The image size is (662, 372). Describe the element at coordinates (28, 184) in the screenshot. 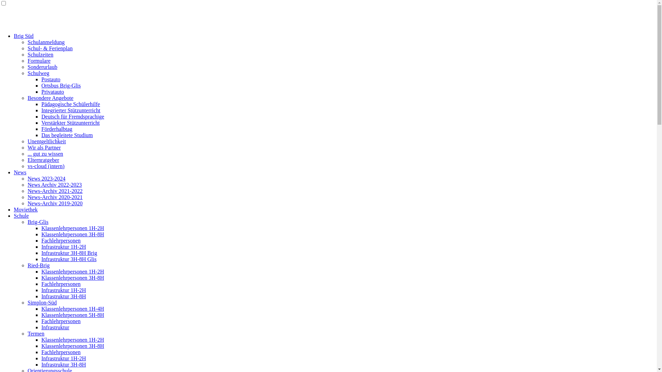

I see `'News Archiv 2022-2023'` at that location.